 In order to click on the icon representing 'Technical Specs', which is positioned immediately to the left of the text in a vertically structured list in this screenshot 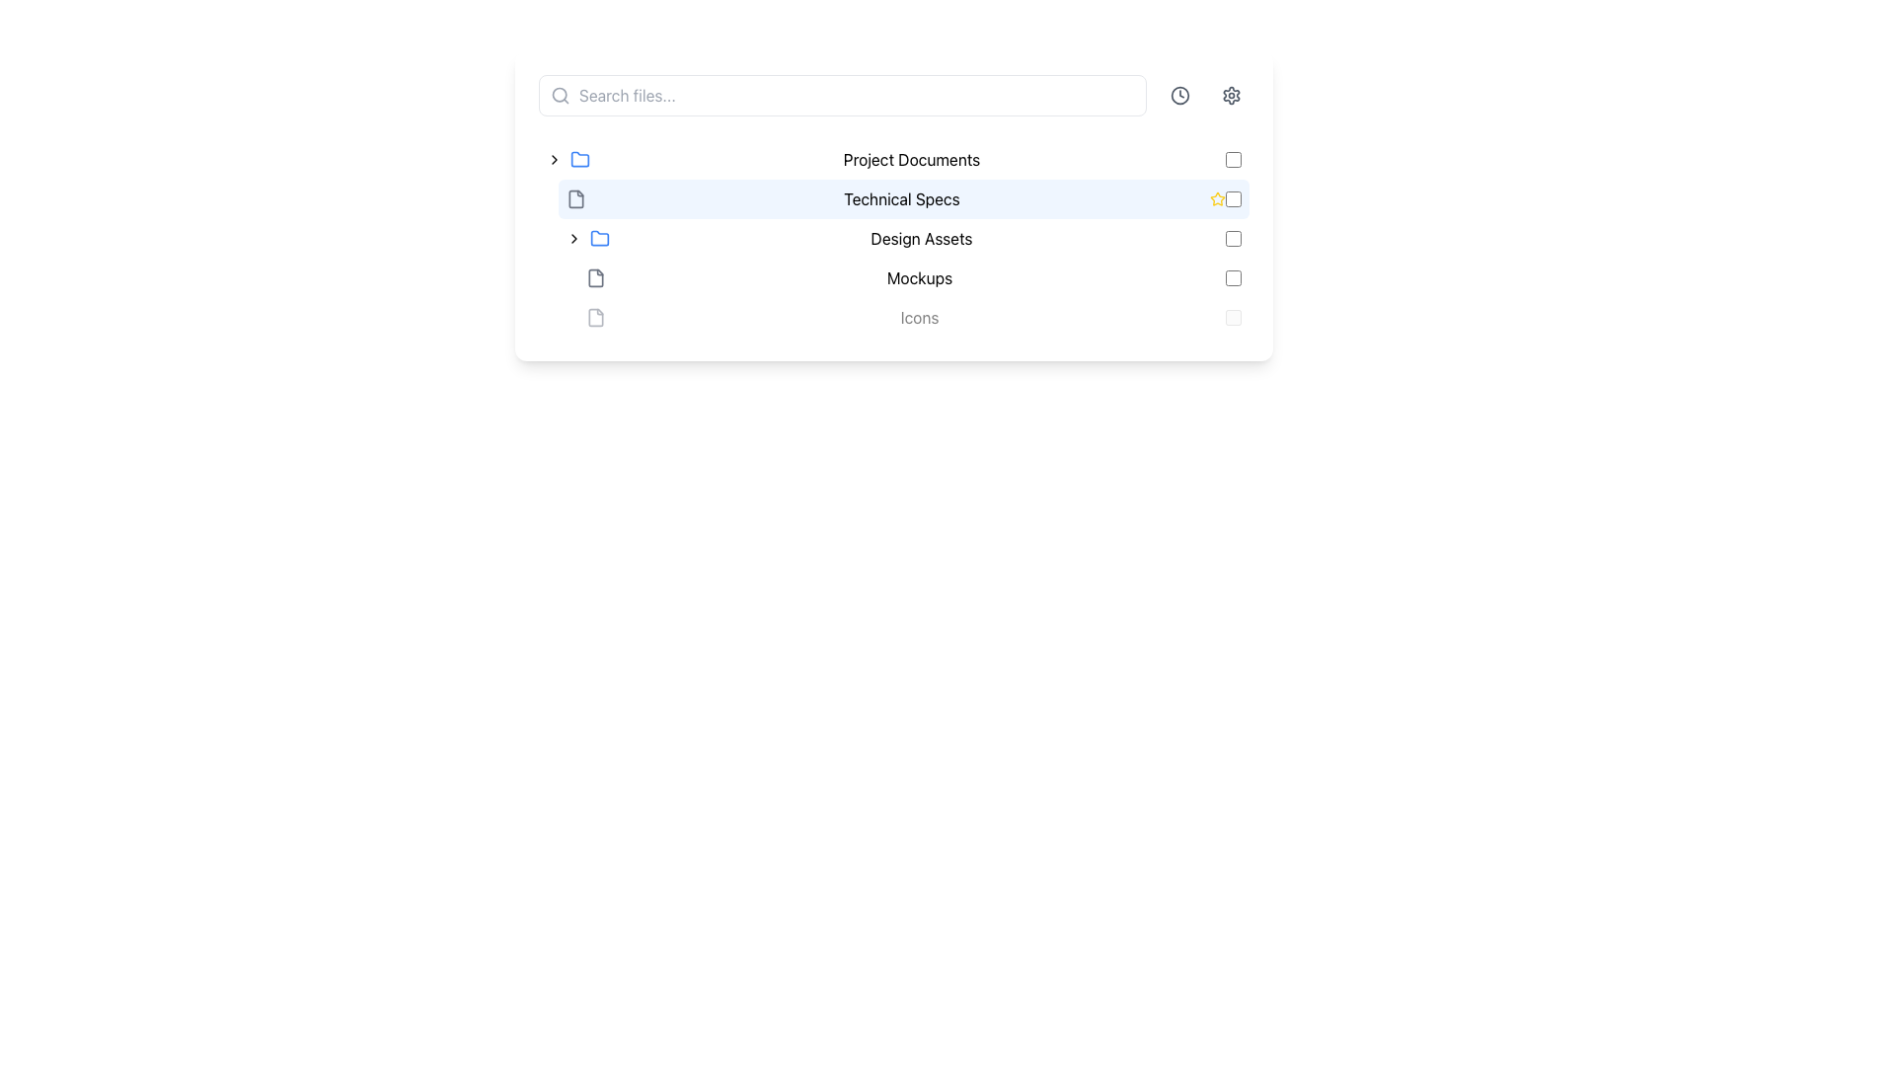, I will do `click(575, 198)`.